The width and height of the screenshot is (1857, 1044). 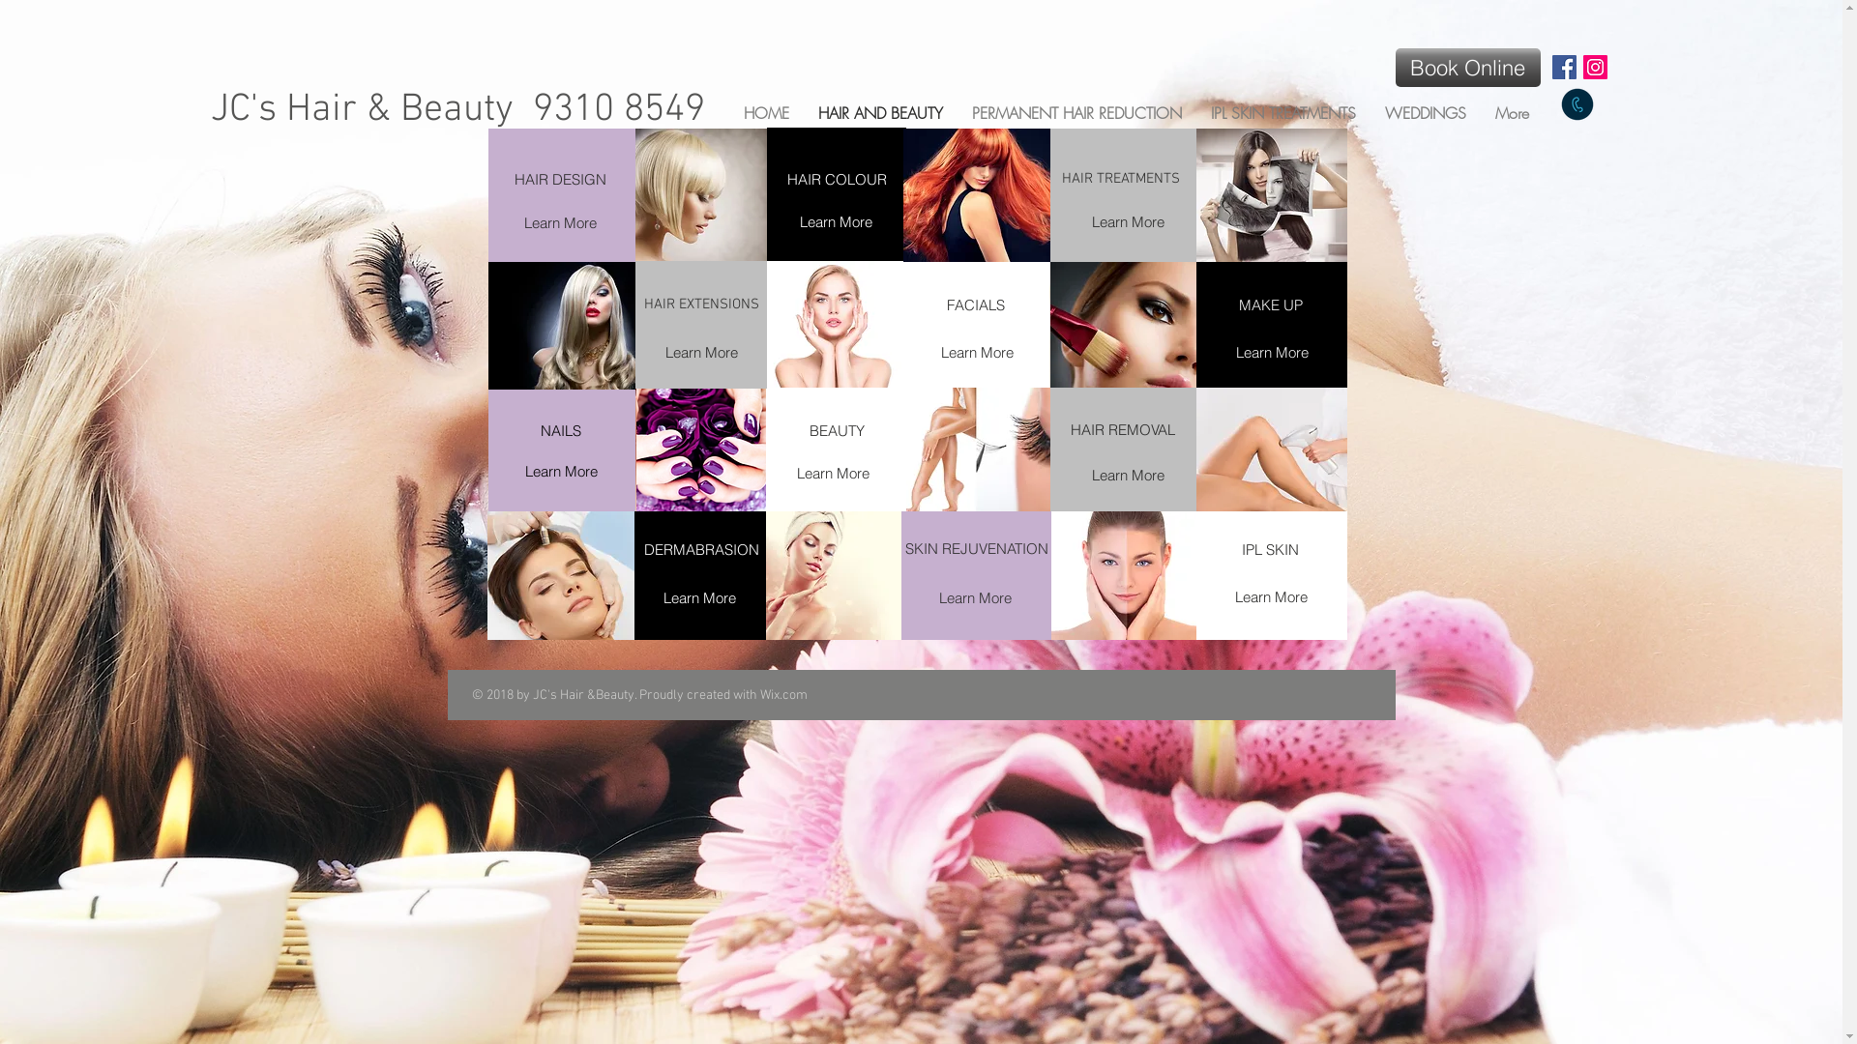 What do you see at coordinates (1282, 111) in the screenshot?
I see `'IPL SKIN TREATMENTS'` at bounding box center [1282, 111].